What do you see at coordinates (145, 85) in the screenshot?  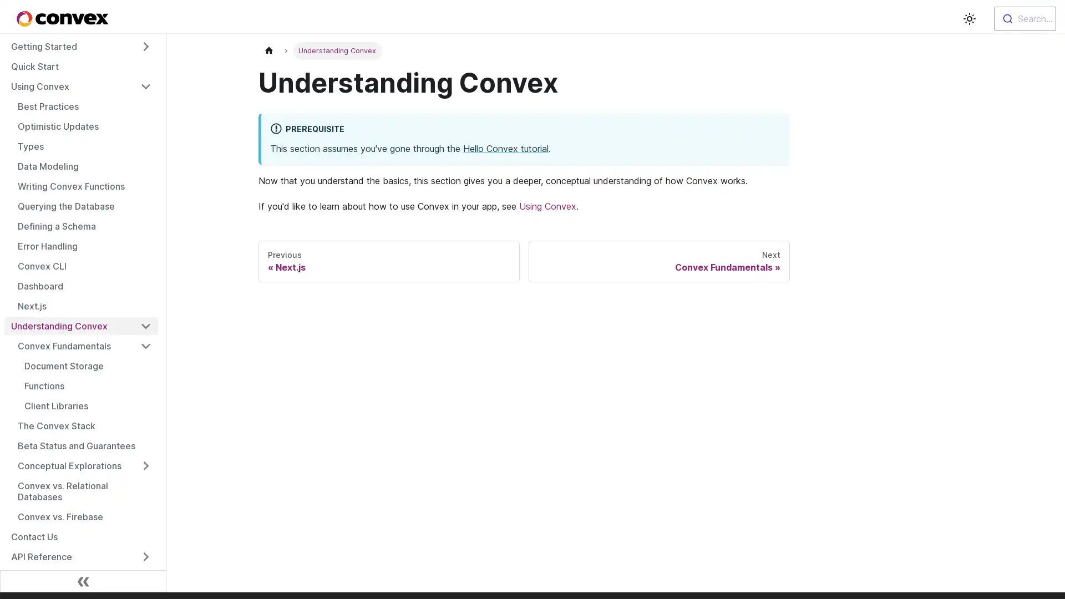 I see `Toggle the collapsible sidebar category 'Using Convex'` at bounding box center [145, 85].